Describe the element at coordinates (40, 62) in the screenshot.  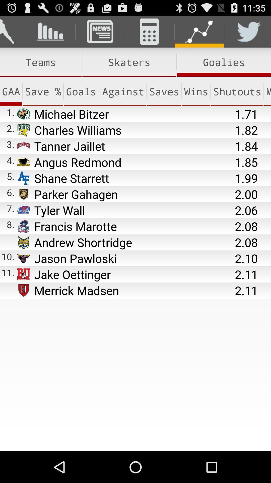
I see `teams item` at that location.